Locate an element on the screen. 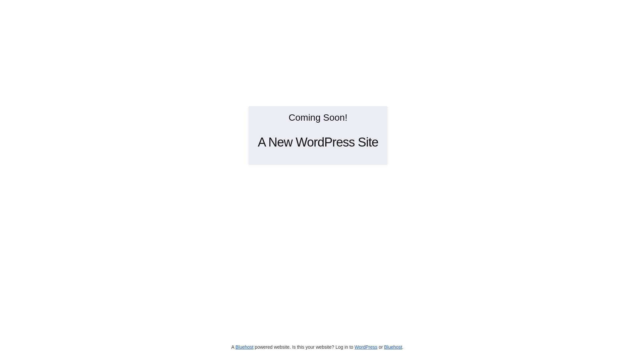 The height and width of the screenshot is (358, 636). 'Bluehost' is located at coordinates (244, 346).